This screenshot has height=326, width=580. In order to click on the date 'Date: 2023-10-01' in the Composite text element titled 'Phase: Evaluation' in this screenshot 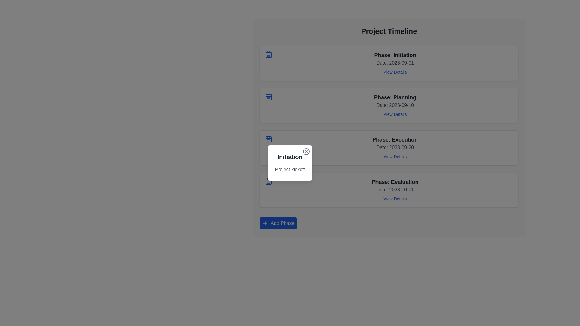, I will do `click(395, 190)`.